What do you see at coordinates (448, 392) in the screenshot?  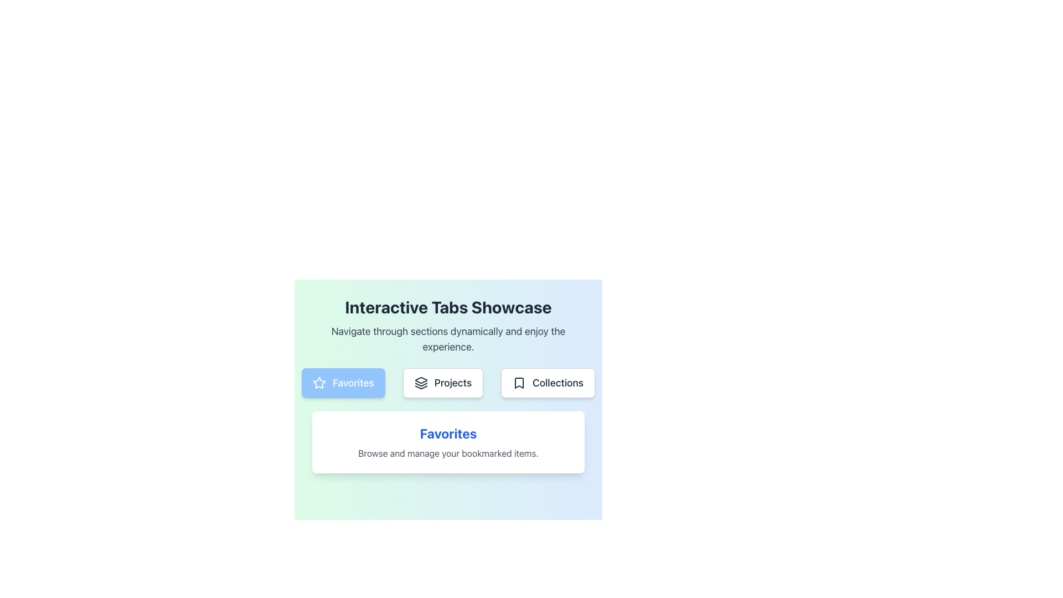 I see `the interactive tab button labeled 'Projects', which is centrally located under the title 'Interactive Tabs Showcase' and above the 'Favorites' section` at bounding box center [448, 392].